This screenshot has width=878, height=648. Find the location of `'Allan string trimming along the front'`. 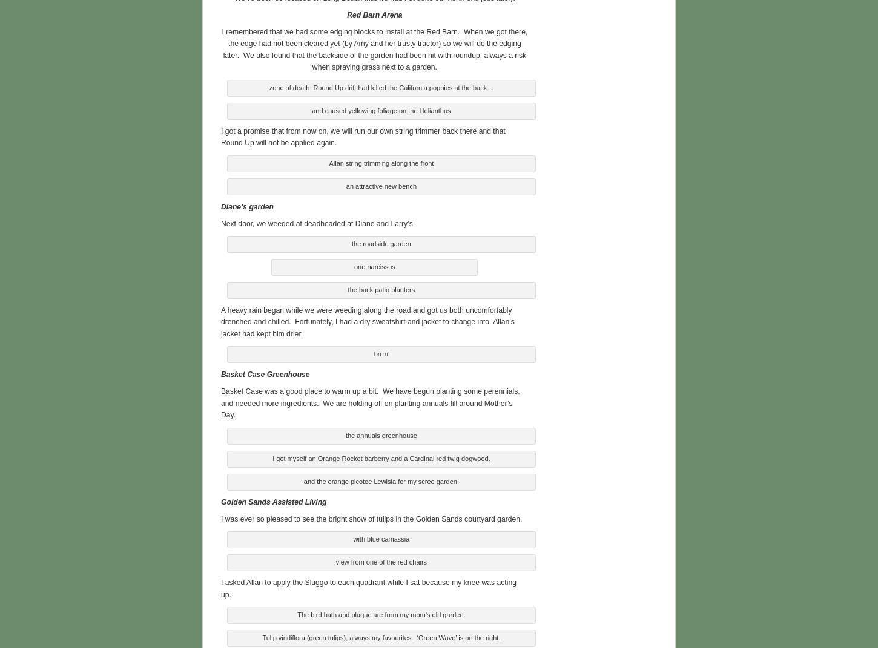

'Allan string trimming along the front' is located at coordinates (380, 162).